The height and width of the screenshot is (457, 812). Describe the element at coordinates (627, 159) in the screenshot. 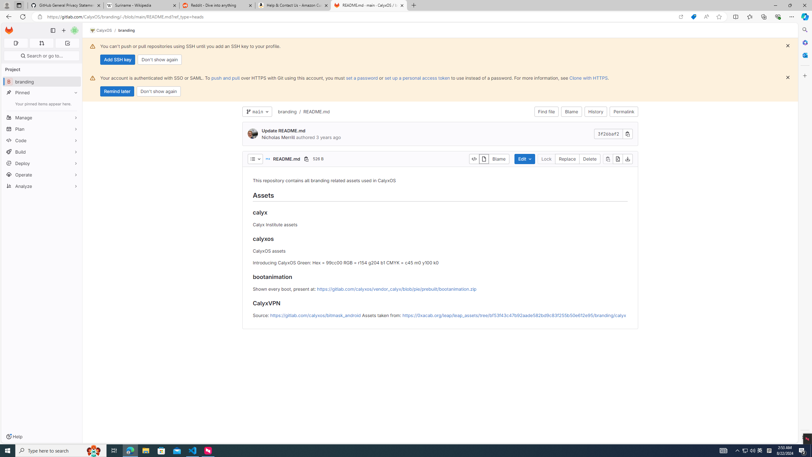

I see `'Download'` at that location.